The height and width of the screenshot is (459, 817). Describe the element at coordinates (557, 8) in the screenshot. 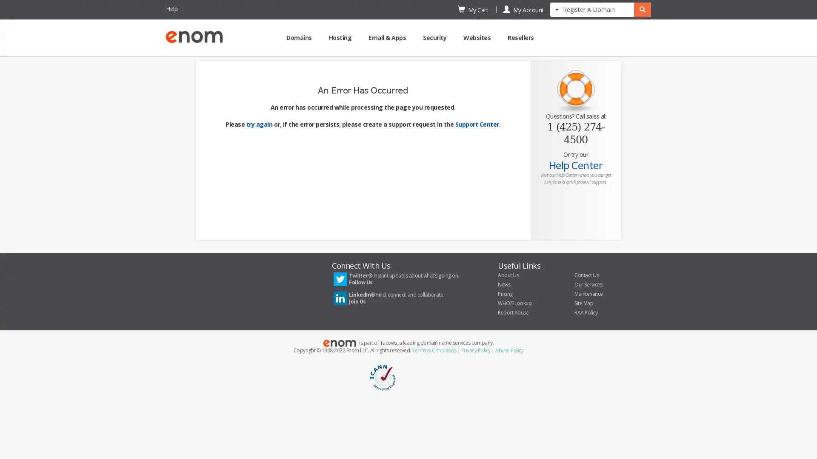

I see `Toggle Dropdown` at that location.